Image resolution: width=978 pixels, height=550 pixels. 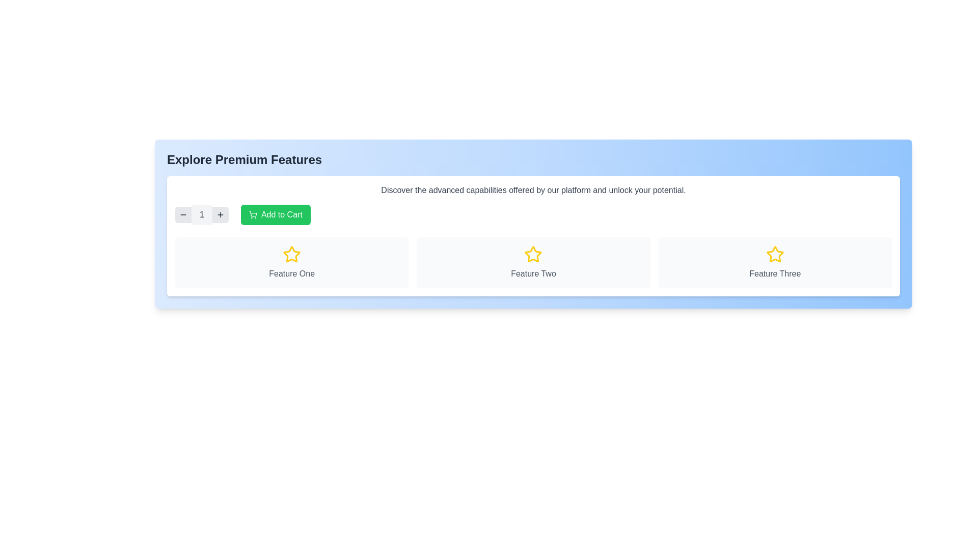 I want to click on the rectangular button with a light gray background and rounded left corners, featuring a horizontal minus icon, to decrement the value, so click(x=183, y=214).